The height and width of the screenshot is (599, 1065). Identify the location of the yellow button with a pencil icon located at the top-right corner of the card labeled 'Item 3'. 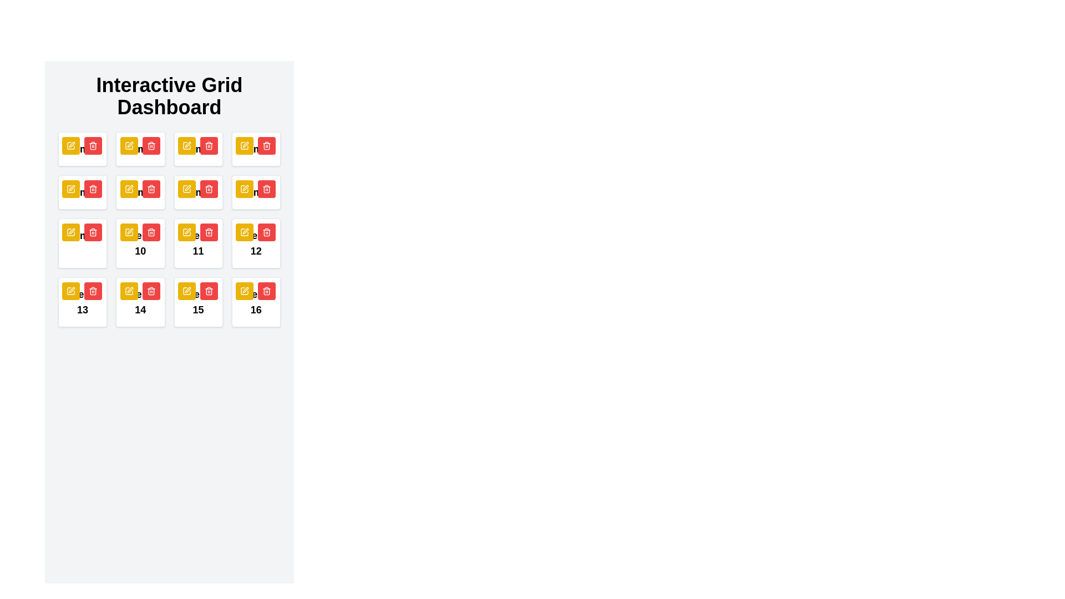
(198, 149).